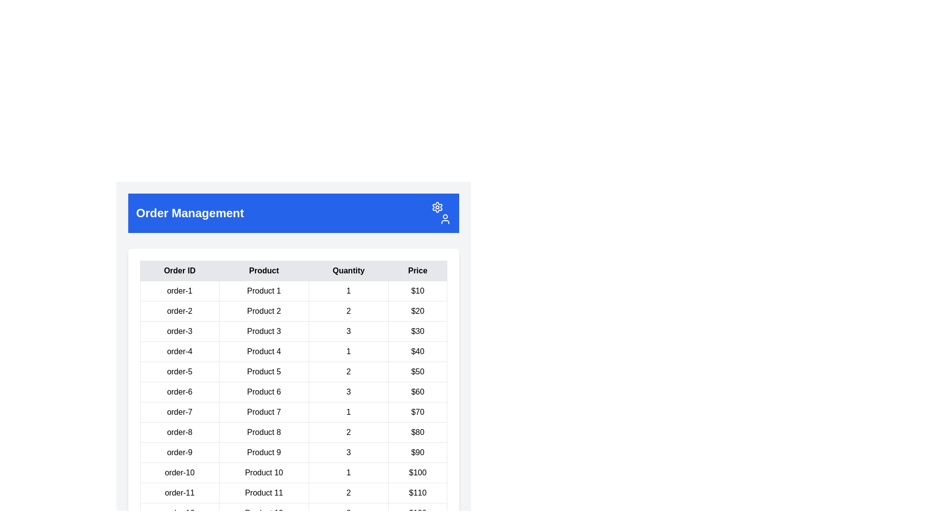 Image resolution: width=947 pixels, height=532 pixels. Describe the element at coordinates (418, 331) in the screenshot. I see `the static text label displaying the price of the product in the order-3 row of the table` at that location.